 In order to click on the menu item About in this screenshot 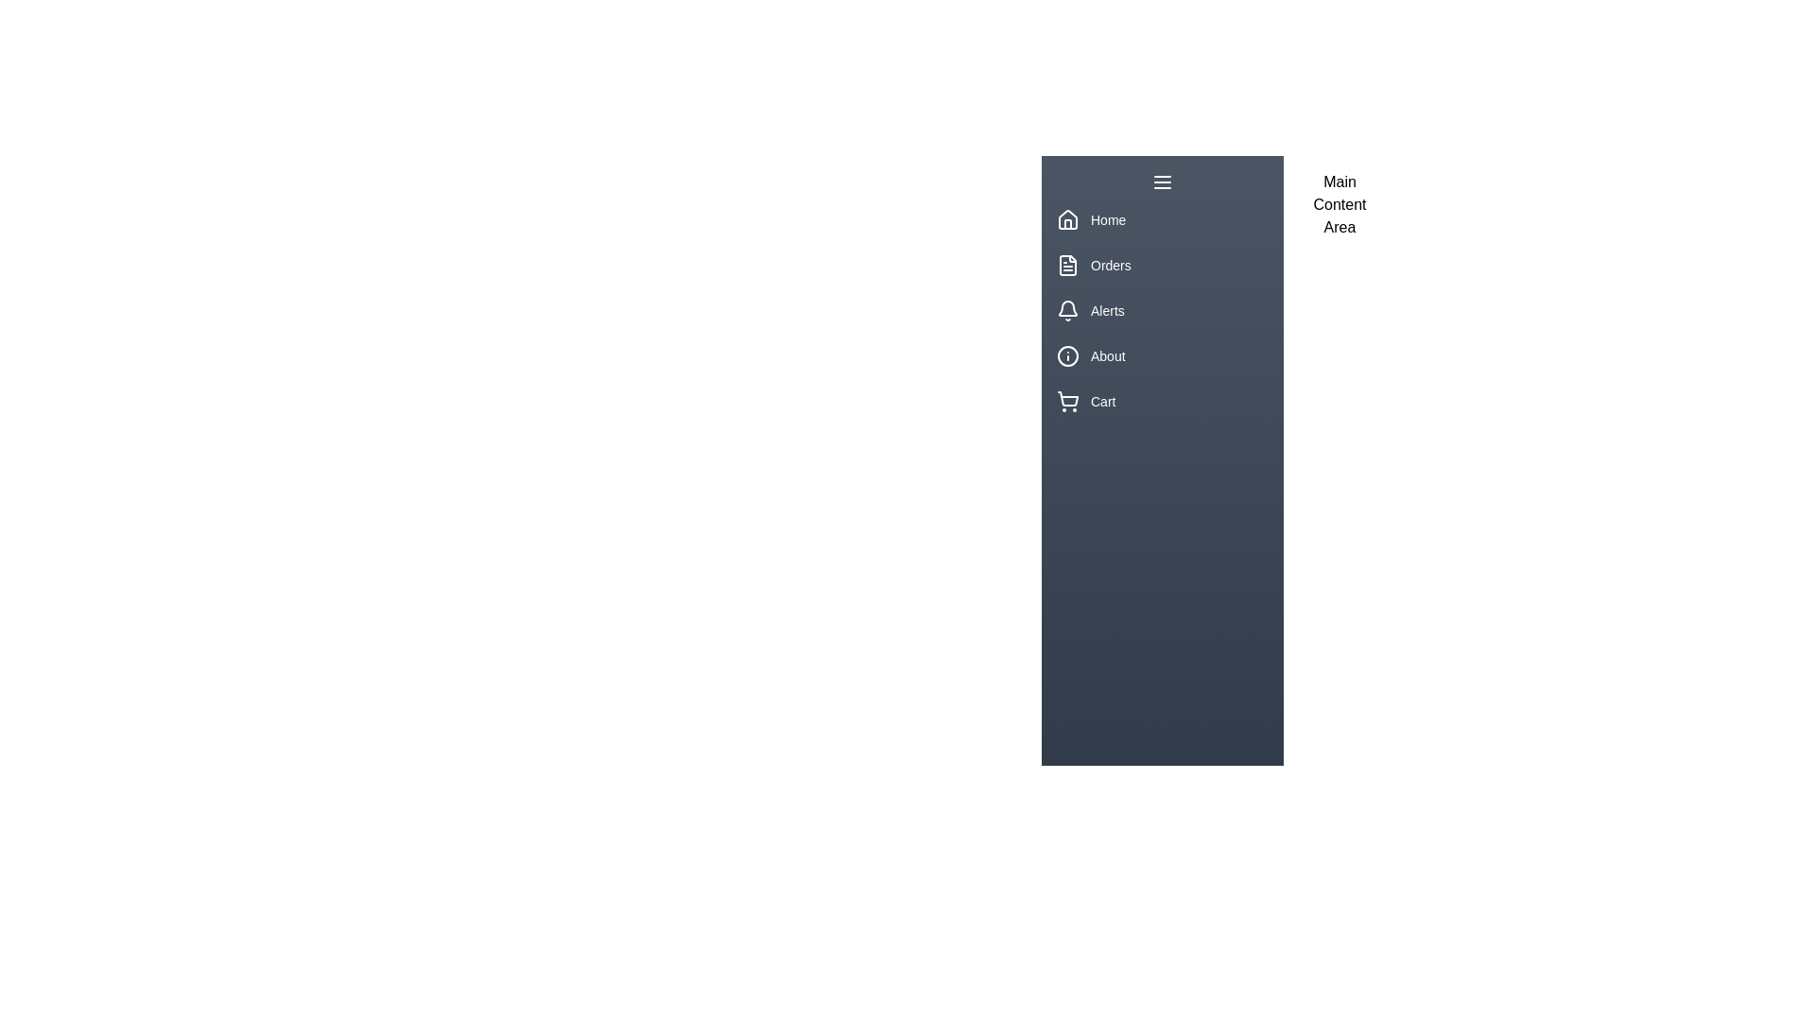, I will do `click(1161, 356)`.